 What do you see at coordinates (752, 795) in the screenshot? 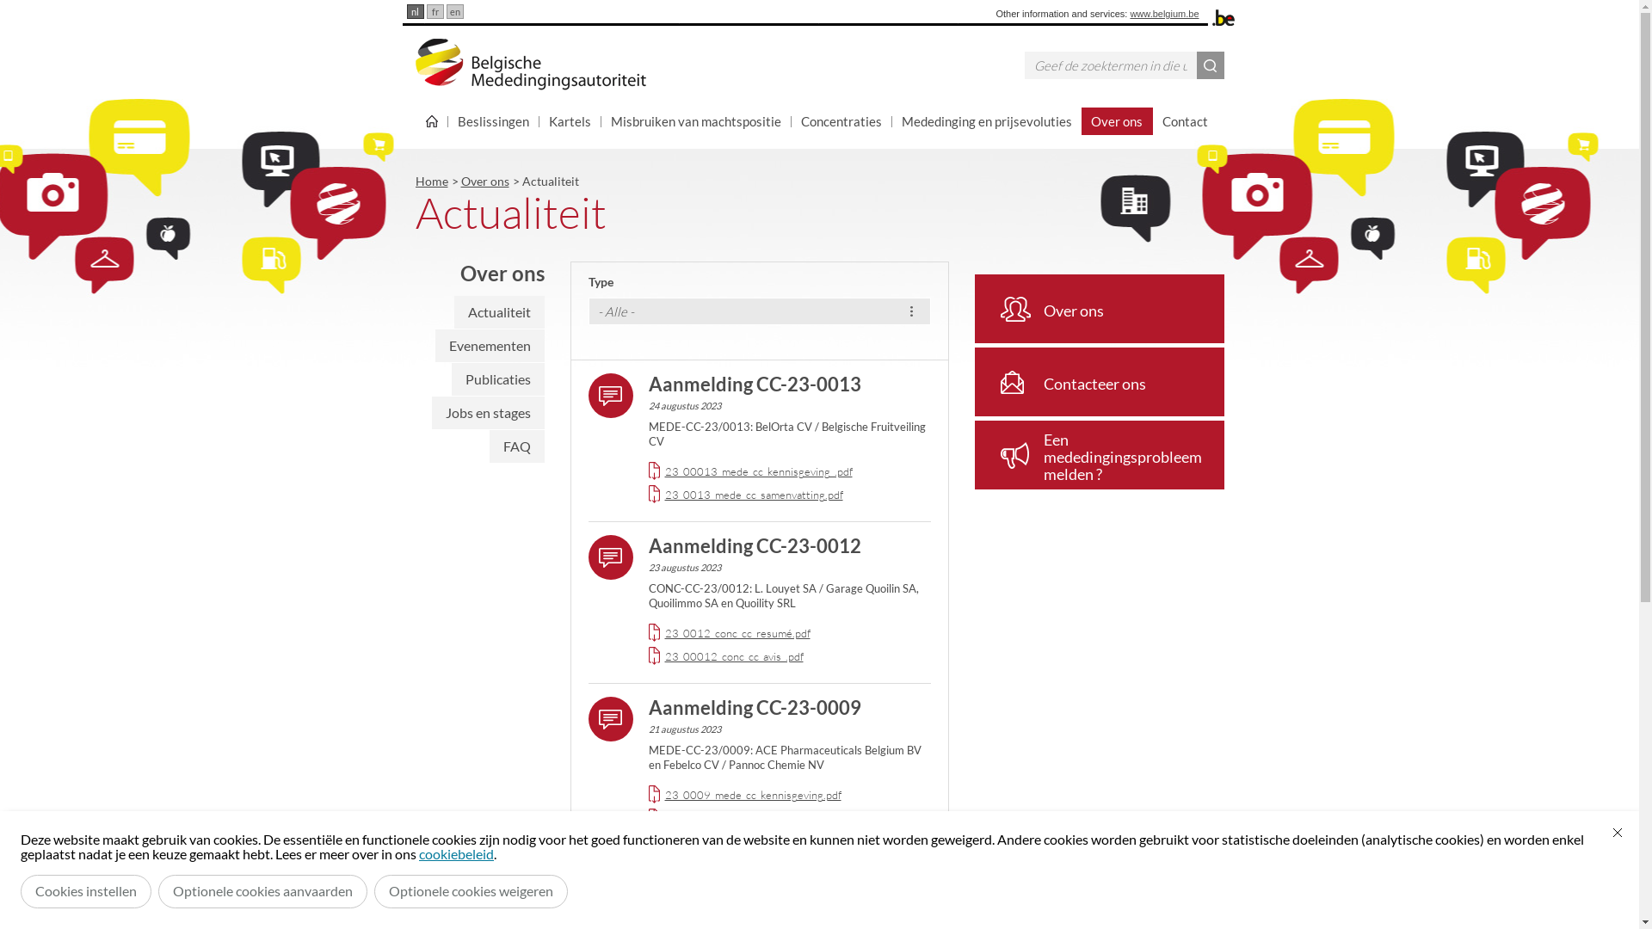
I see `'23_0009_mede_cc_kennisgeving.pdf'` at bounding box center [752, 795].